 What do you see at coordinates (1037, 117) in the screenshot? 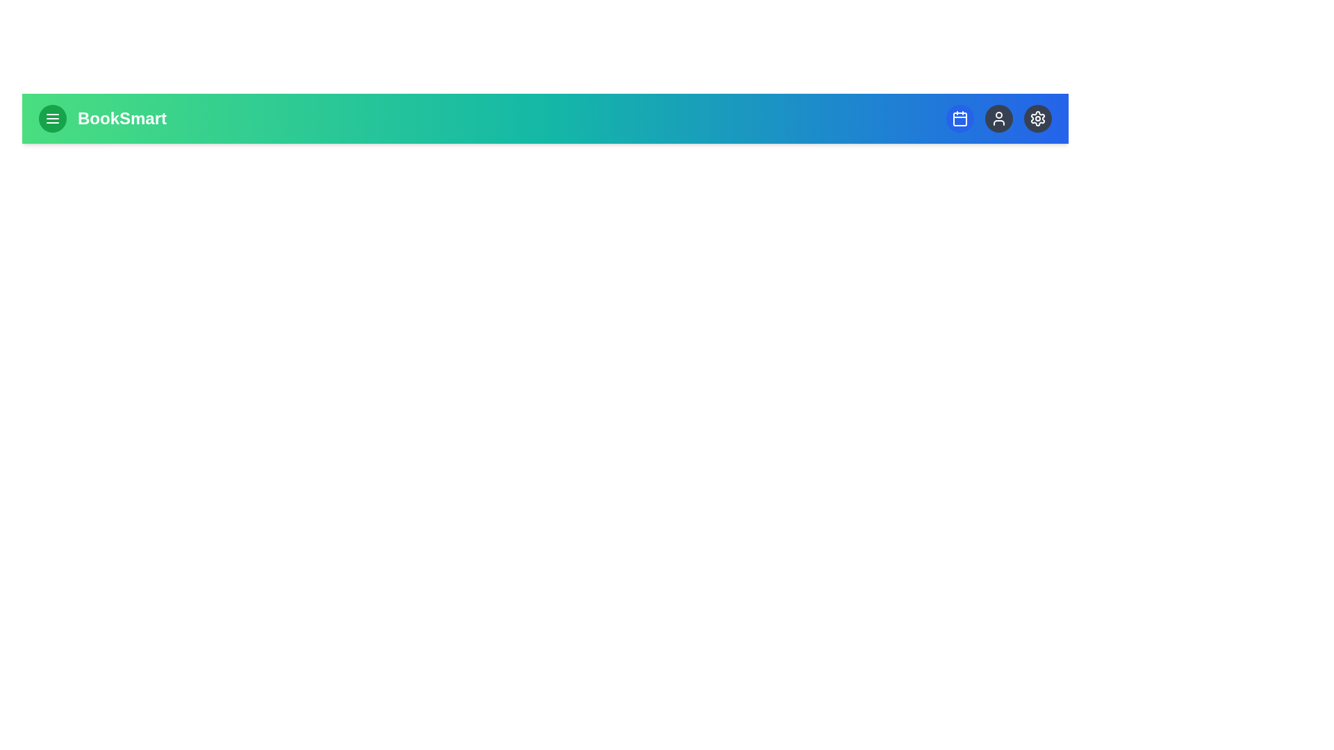
I see `the settings icon button to open the settings menu` at bounding box center [1037, 117].